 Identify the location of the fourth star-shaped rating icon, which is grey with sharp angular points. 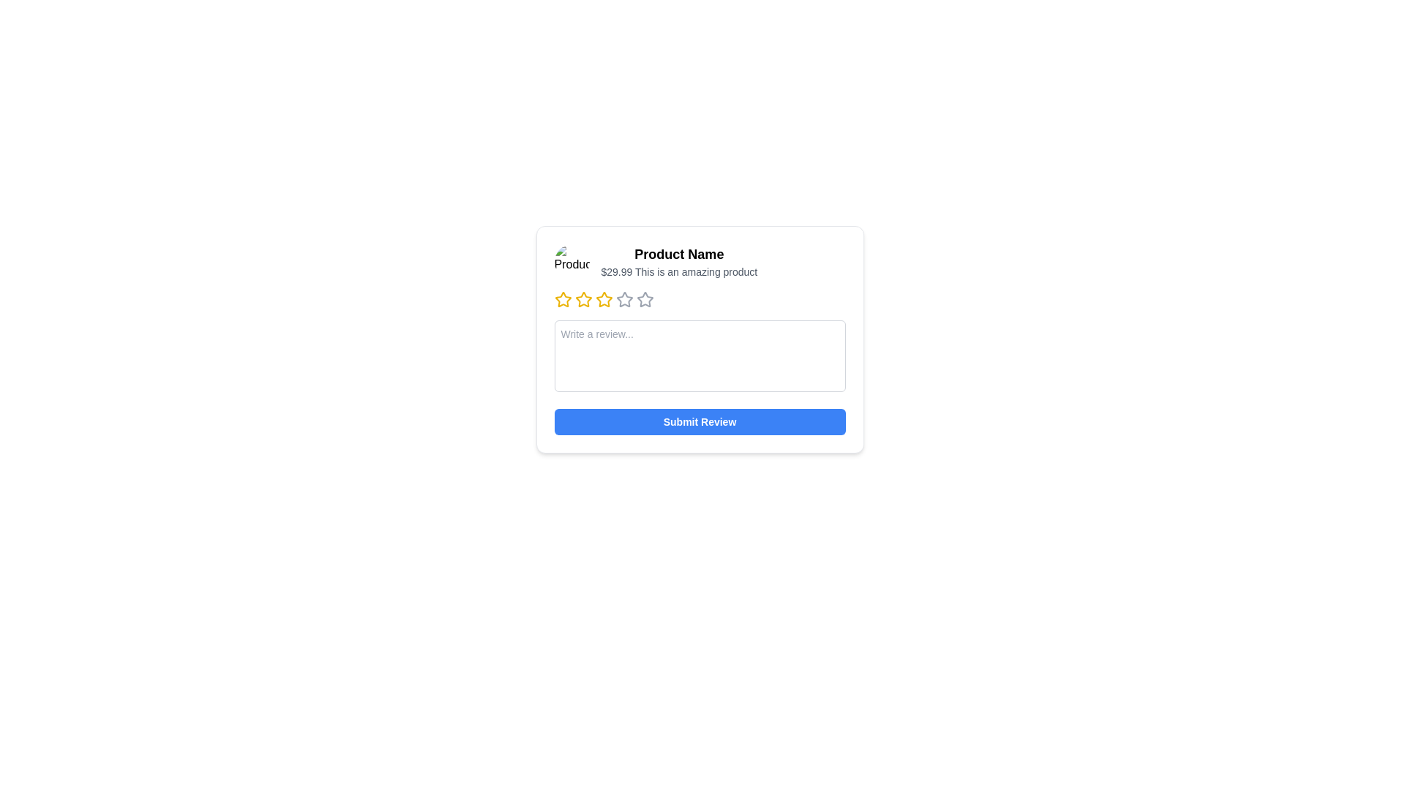
(644, 298).